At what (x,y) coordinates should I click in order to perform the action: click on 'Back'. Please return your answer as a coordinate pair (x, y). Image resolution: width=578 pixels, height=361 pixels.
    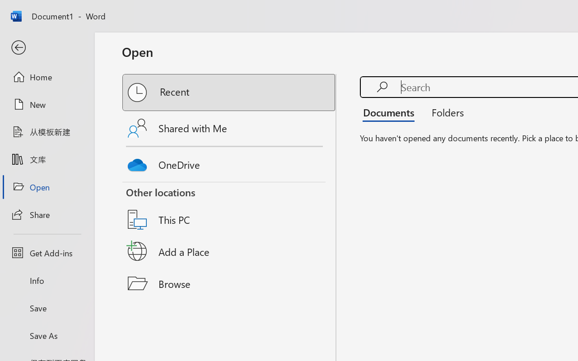
    Looking at the image, I should click on (47, 47).